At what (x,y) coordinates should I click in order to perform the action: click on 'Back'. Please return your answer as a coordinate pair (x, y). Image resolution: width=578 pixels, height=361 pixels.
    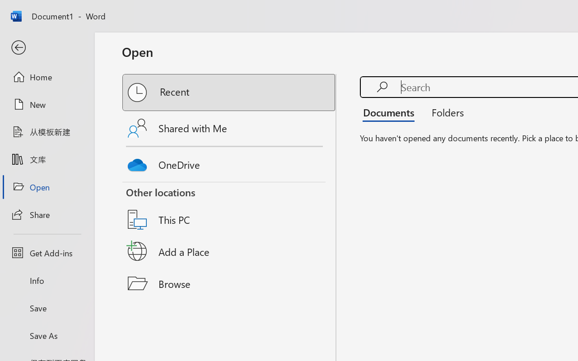
    Looking at the image, I should click on (47, 47).